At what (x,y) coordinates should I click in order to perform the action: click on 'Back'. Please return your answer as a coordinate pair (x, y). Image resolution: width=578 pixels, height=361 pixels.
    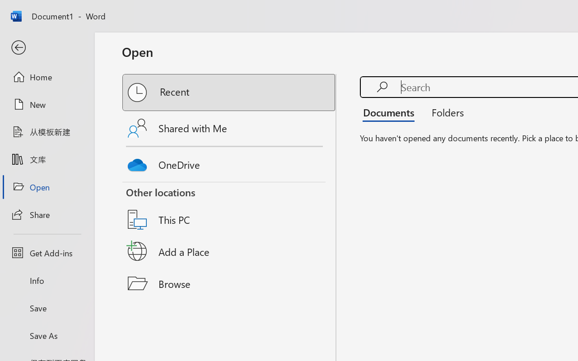
    Looking at the image, I should click on (47, 47).